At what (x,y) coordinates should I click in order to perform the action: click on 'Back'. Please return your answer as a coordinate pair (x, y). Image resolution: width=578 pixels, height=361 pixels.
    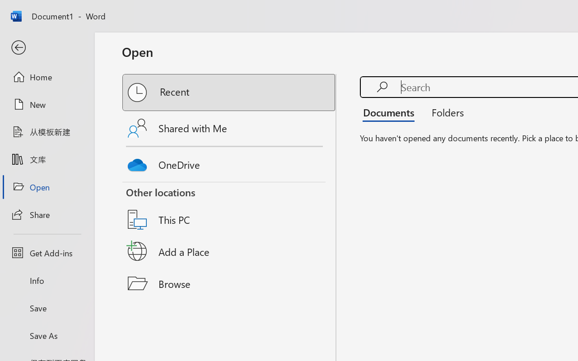
    Looking at the image, I should click on (47, 47).